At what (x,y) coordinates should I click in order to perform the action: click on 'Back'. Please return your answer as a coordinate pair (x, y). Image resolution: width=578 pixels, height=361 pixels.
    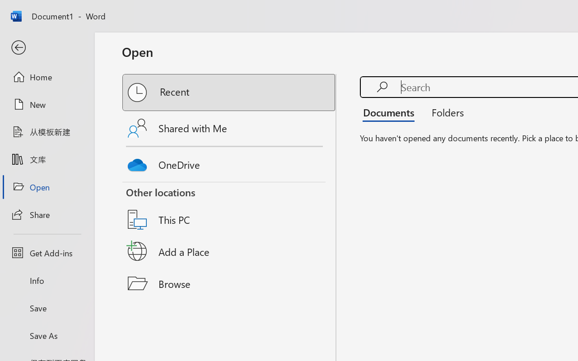
    Looking at the image, I should click on (47, 47).